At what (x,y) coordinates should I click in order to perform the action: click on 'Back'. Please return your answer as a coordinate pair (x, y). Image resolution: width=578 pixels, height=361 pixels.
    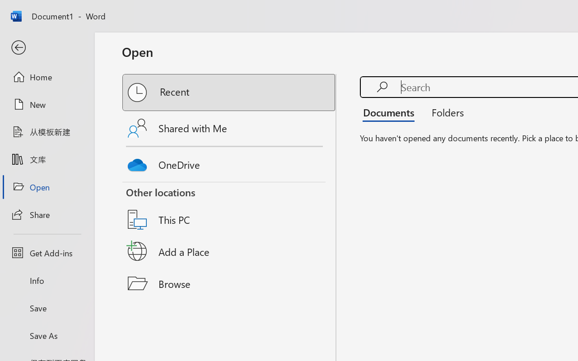
    Looking at the image, I should click on (47, 47).